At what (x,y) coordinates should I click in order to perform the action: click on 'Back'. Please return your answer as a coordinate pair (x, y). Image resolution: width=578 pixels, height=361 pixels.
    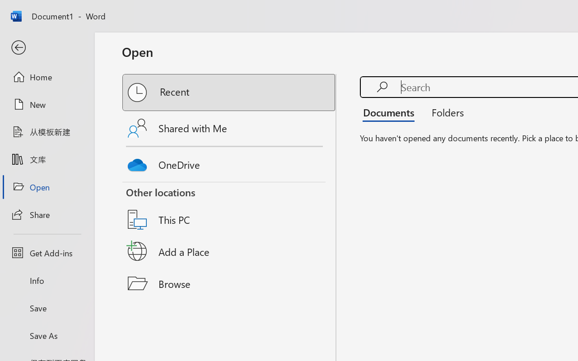
    Looking at the image, I should click on (47, 47).